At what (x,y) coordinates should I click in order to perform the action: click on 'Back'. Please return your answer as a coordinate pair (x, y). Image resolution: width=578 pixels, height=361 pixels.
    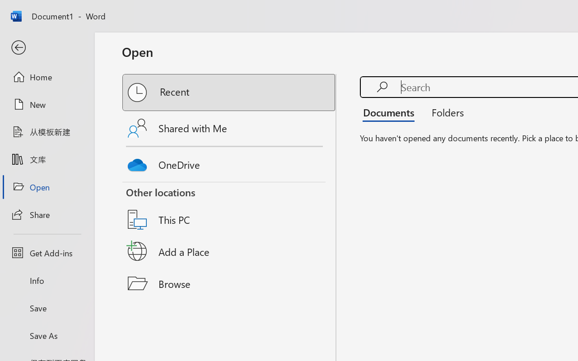
    Looking at the image, I should click on (47, 47).